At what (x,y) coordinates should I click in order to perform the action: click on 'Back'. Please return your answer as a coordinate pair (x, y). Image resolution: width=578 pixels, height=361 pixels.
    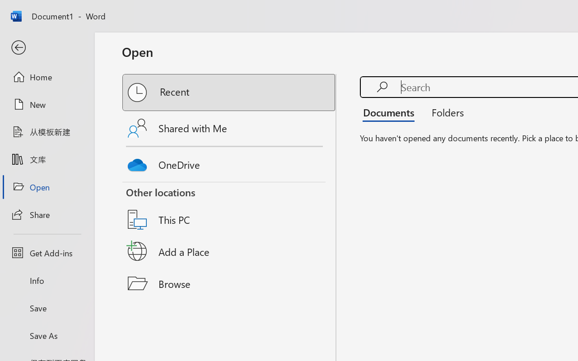
    Looking at the image, I should click on (47, 47).